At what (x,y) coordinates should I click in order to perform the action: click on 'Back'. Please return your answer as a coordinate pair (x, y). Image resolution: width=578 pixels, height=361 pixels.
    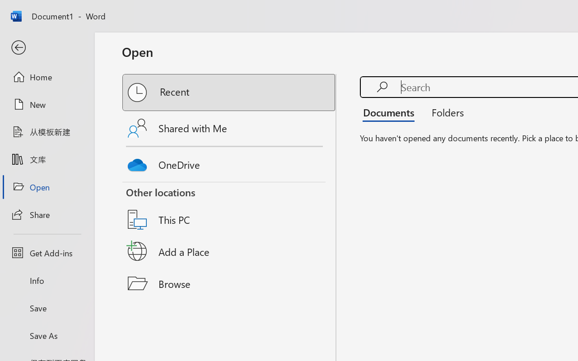
    Looking at the image, I should click on (47, 47).